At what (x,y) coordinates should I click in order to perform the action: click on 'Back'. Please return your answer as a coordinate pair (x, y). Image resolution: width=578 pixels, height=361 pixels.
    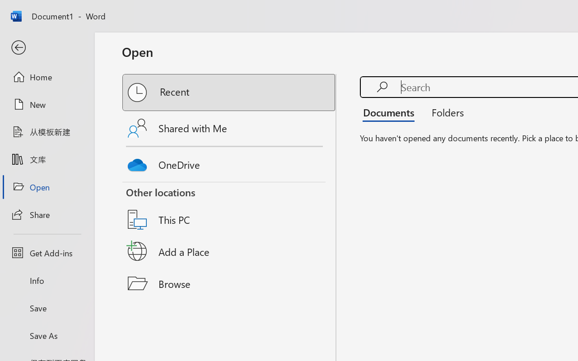
    Looking at the image, I should click on (47, 47).